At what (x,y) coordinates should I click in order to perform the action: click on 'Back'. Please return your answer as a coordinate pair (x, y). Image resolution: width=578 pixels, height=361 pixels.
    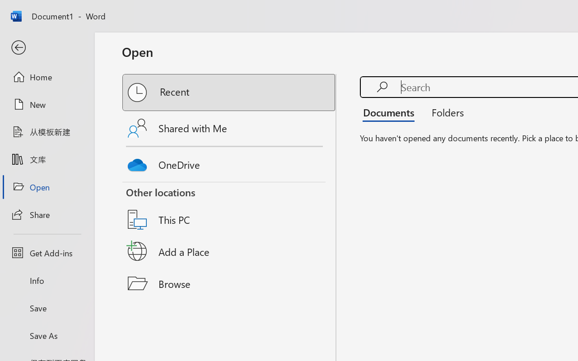
    Looking at the image, I should click on (47, 47).